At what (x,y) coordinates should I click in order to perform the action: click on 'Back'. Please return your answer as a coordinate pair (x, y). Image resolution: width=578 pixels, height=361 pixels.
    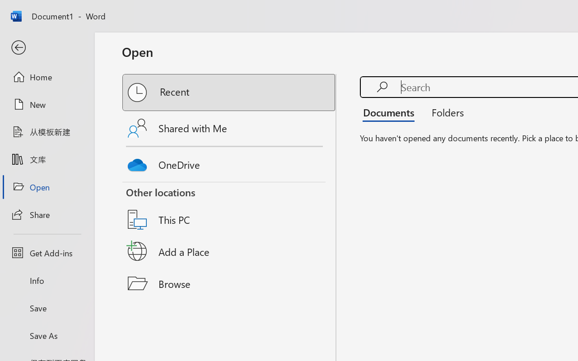
    Looking at the image, I should click on (47, 47).